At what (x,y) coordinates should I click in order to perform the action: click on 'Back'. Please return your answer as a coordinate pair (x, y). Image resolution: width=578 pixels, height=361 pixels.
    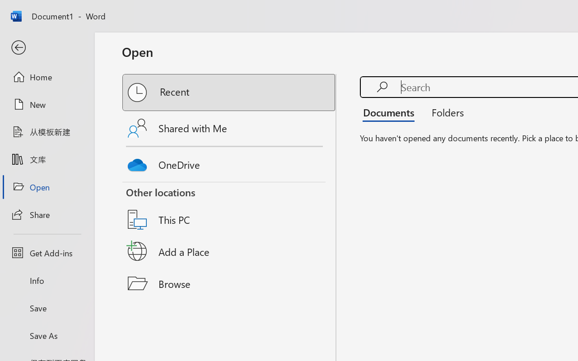
    Looking at the image, I should click on (47, 47).